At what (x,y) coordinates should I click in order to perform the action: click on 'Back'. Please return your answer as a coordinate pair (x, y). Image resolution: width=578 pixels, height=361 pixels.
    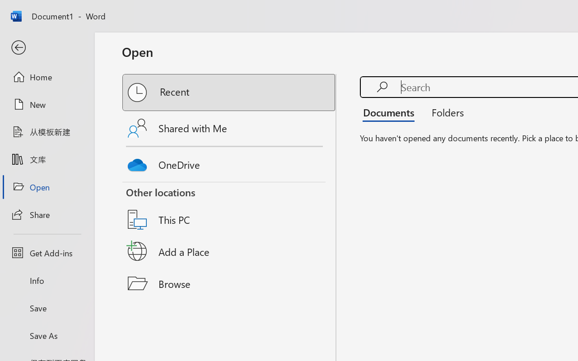
    Looking at the image, I should click on (47, 47).